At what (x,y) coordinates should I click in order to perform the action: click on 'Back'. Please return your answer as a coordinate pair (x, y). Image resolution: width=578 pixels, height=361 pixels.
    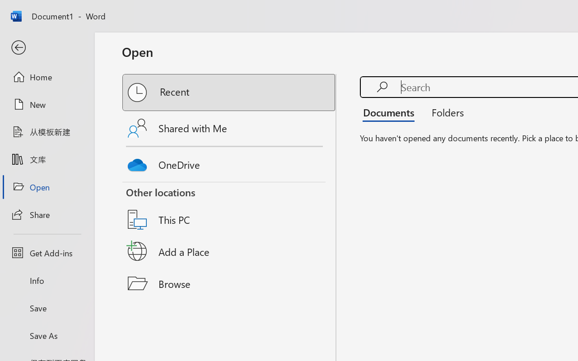
    Looking at the image, I should click on (47, 47).